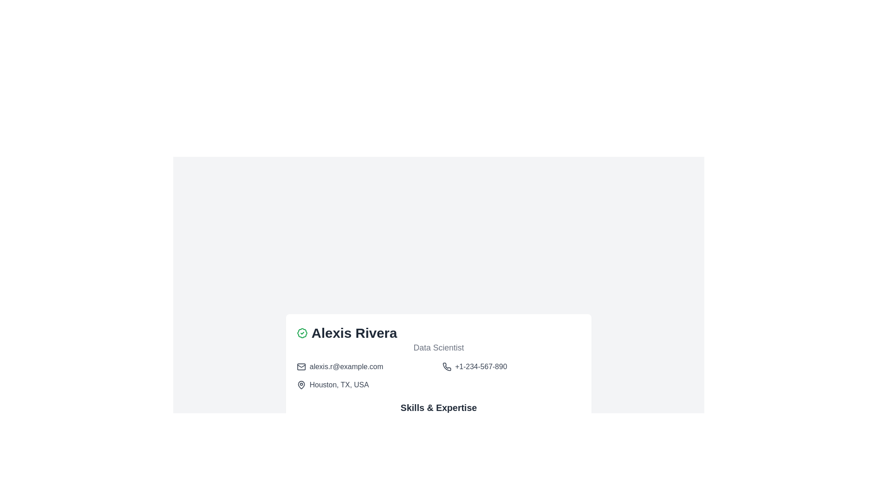 This screenshot has width=873, height=491. I want to click on the small phone icon located in the profile section of the user interface, adjacent to the user's phone number text, so click(447, 366).